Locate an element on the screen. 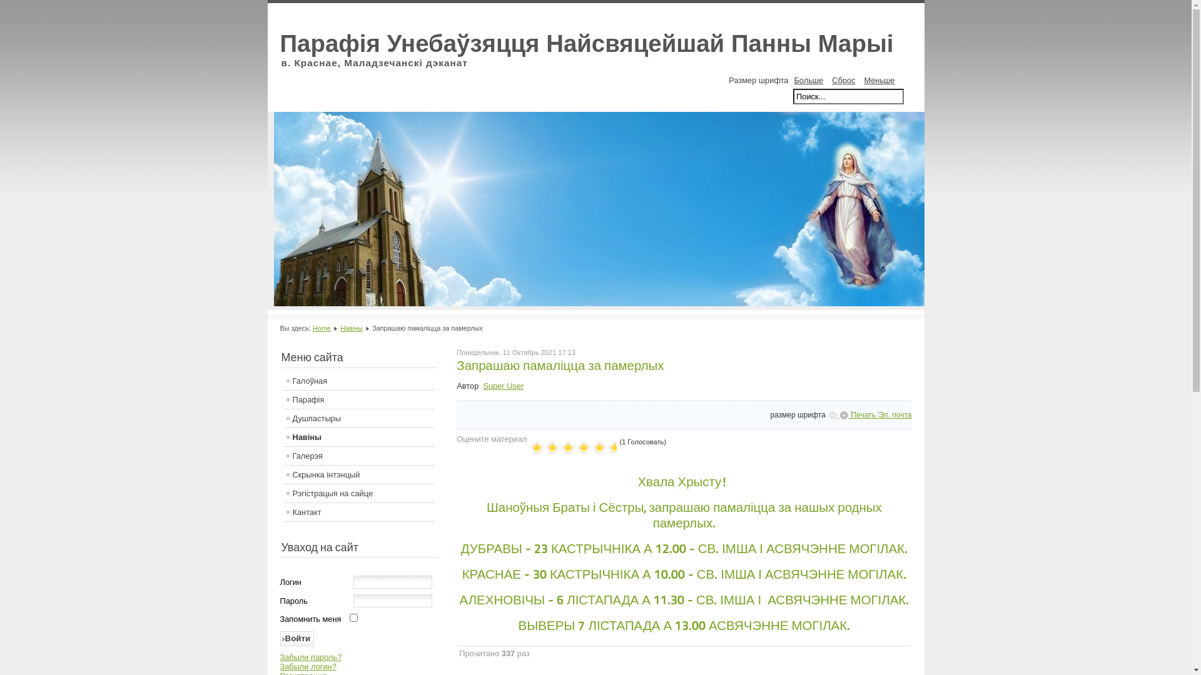  '4' is located at coordinates (564, 447).